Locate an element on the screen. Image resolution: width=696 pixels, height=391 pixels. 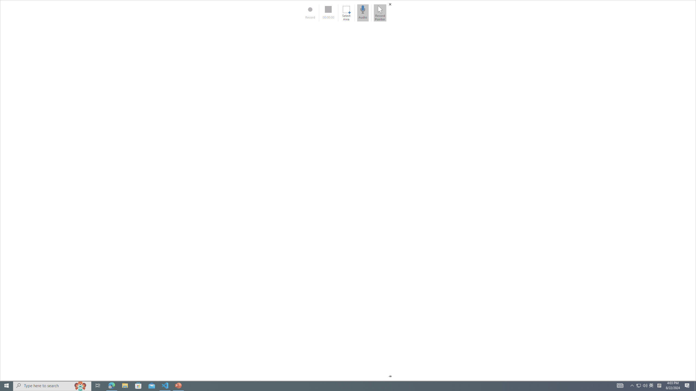
'00:00:00' is located at coordinates (328, 12).